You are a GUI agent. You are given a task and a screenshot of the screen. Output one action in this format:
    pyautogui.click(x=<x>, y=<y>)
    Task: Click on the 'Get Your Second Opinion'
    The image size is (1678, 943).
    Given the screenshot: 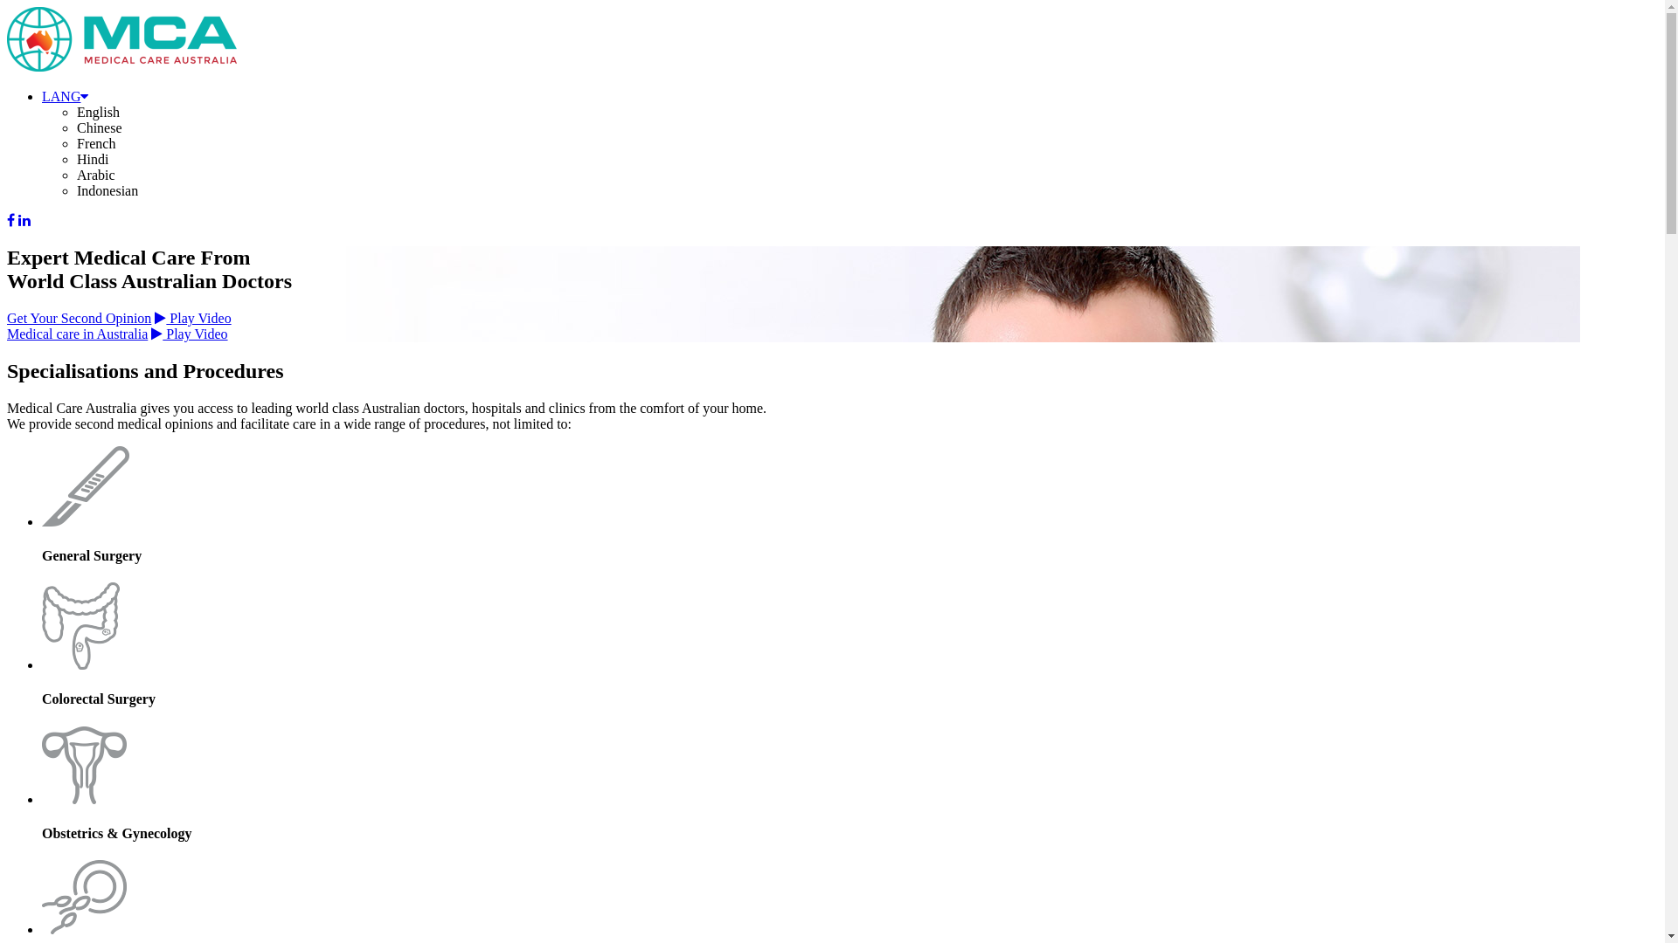 What is the action you would take?
    pyautogui.click(x=78, y=318)
    